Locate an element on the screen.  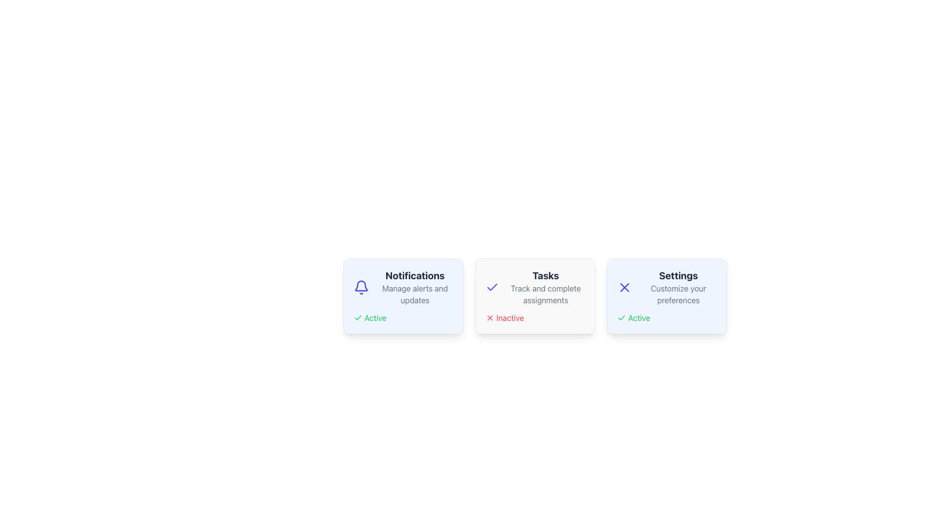
the bell-shaped blue icon located prominently to the left of the 'Notifications' text elements in the Notifications card is located at coordinates (361, 287).